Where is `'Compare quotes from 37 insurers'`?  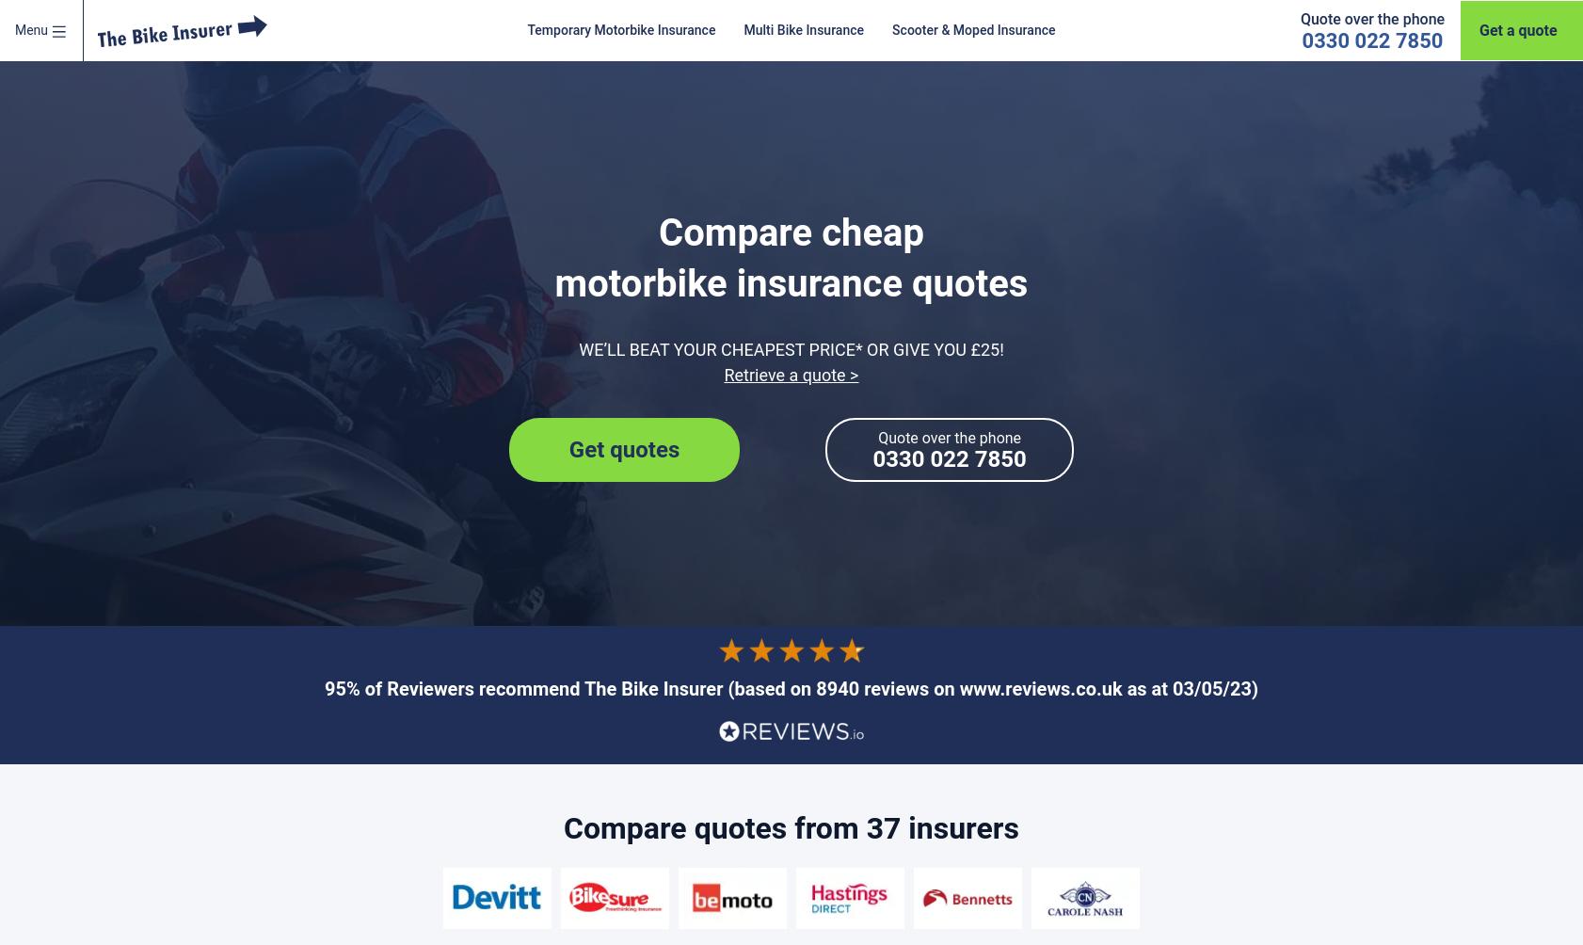
'Compare quotes from 37 insurers' is located at coordinates (563, 827).